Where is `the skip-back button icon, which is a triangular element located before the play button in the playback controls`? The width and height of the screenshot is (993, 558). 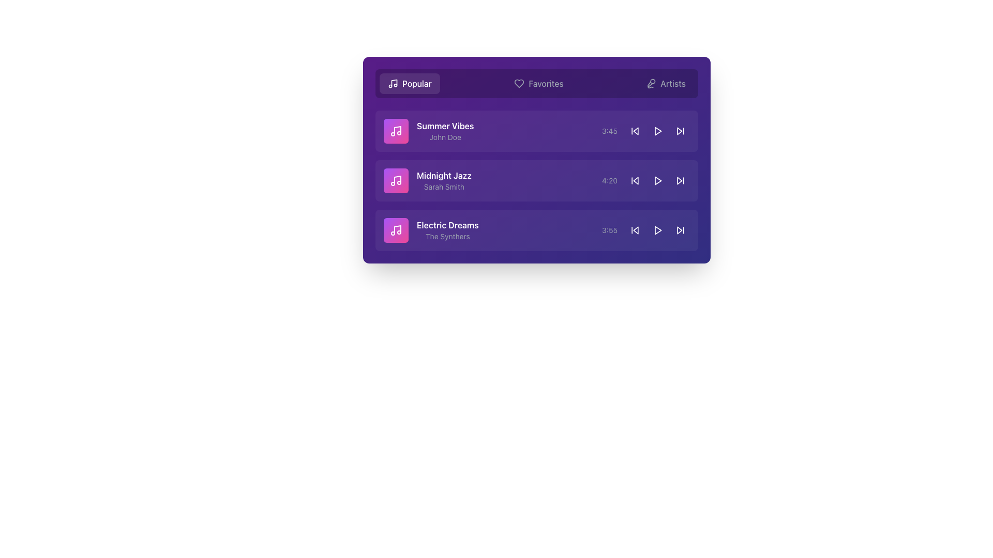 the skip-back button icon, which is a triangular element located before the play button in the playback controls is located at coordinates (635, 131).